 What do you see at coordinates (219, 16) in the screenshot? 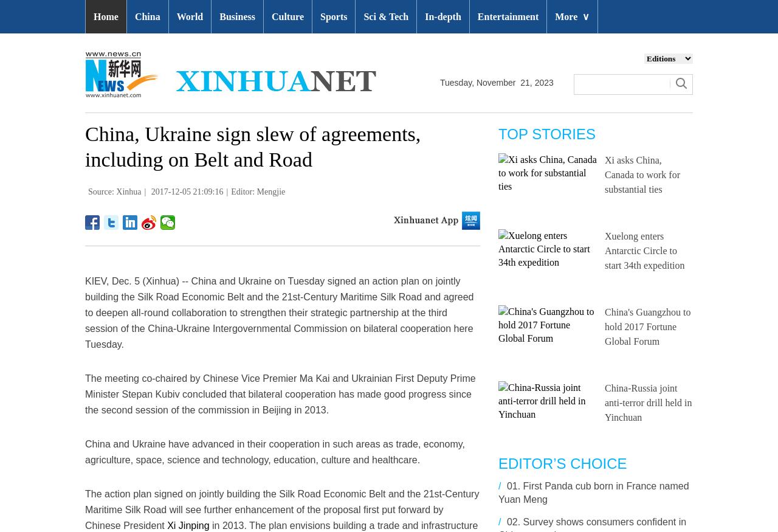
I see `'Business'` at bounding box center [219, 16].